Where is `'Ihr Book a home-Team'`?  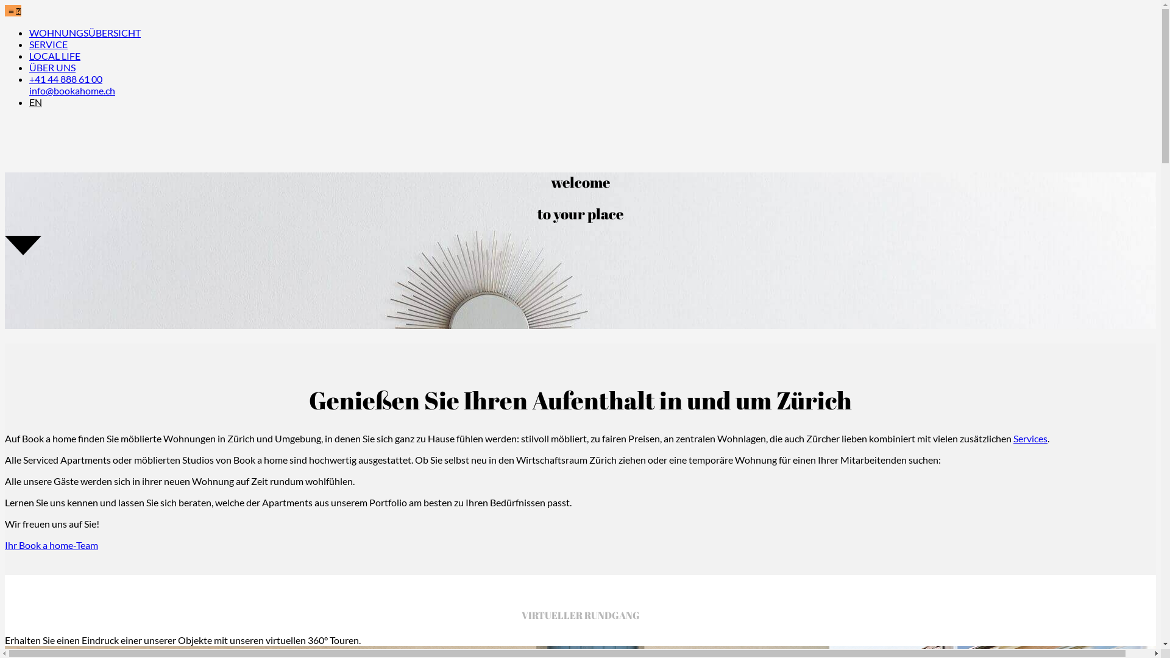
'Ihr Book a home-Team' is located at coordinates (5, 544).